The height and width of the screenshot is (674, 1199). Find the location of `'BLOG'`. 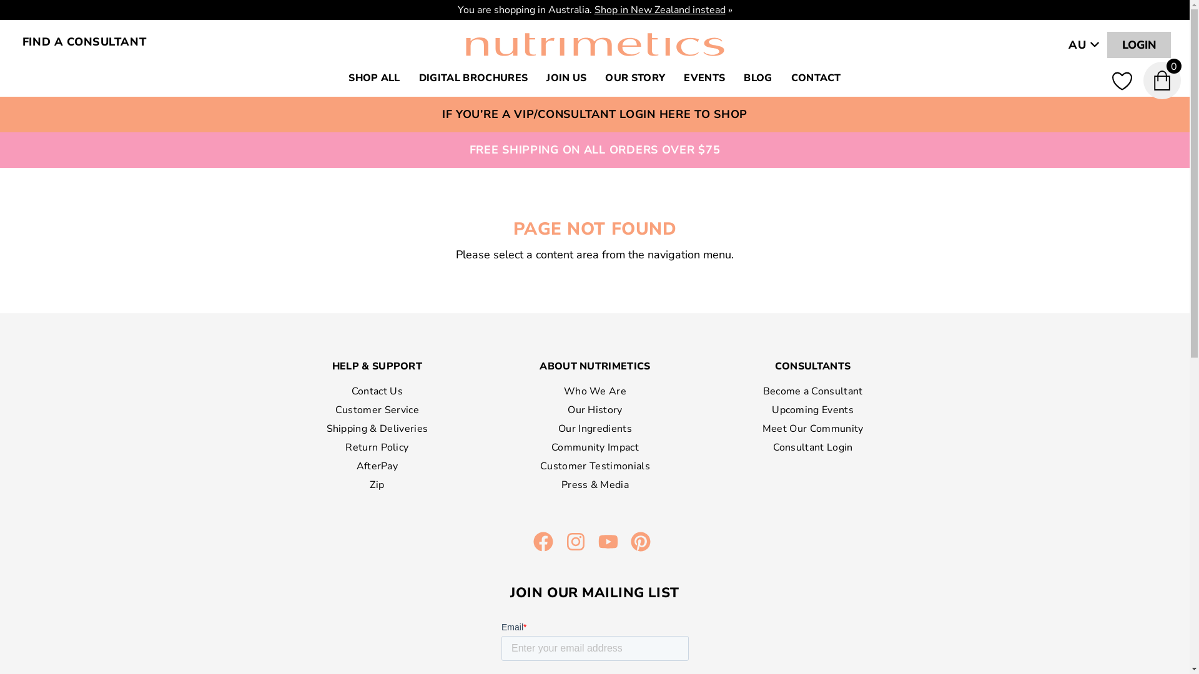

'BLOG' is located at coordinates (757, 77).